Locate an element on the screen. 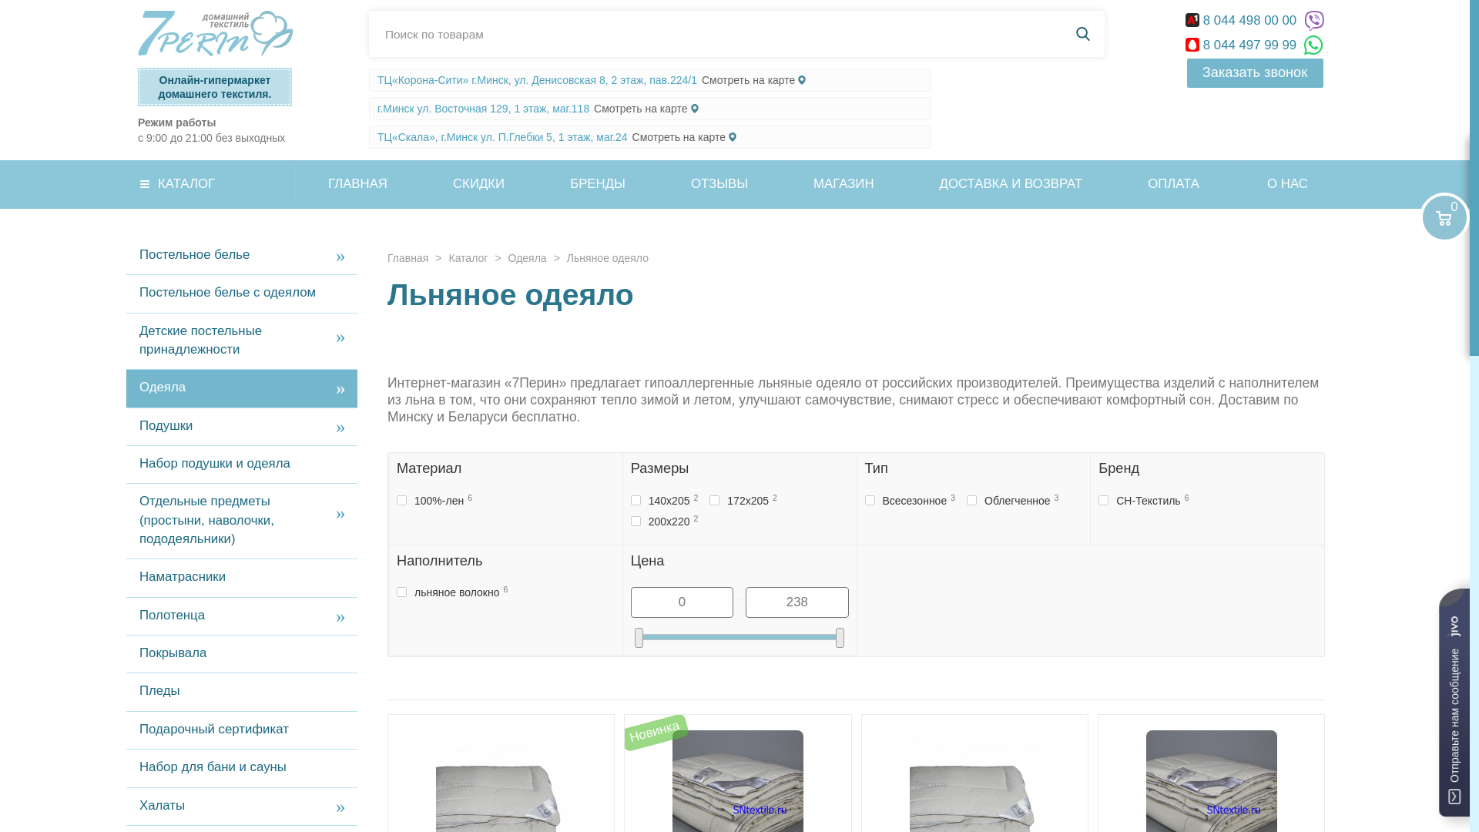 Image resolution: width=1479 pixels, height=832 pixels. '8 044 497 99 99' is located at coordinates (1243, 44).